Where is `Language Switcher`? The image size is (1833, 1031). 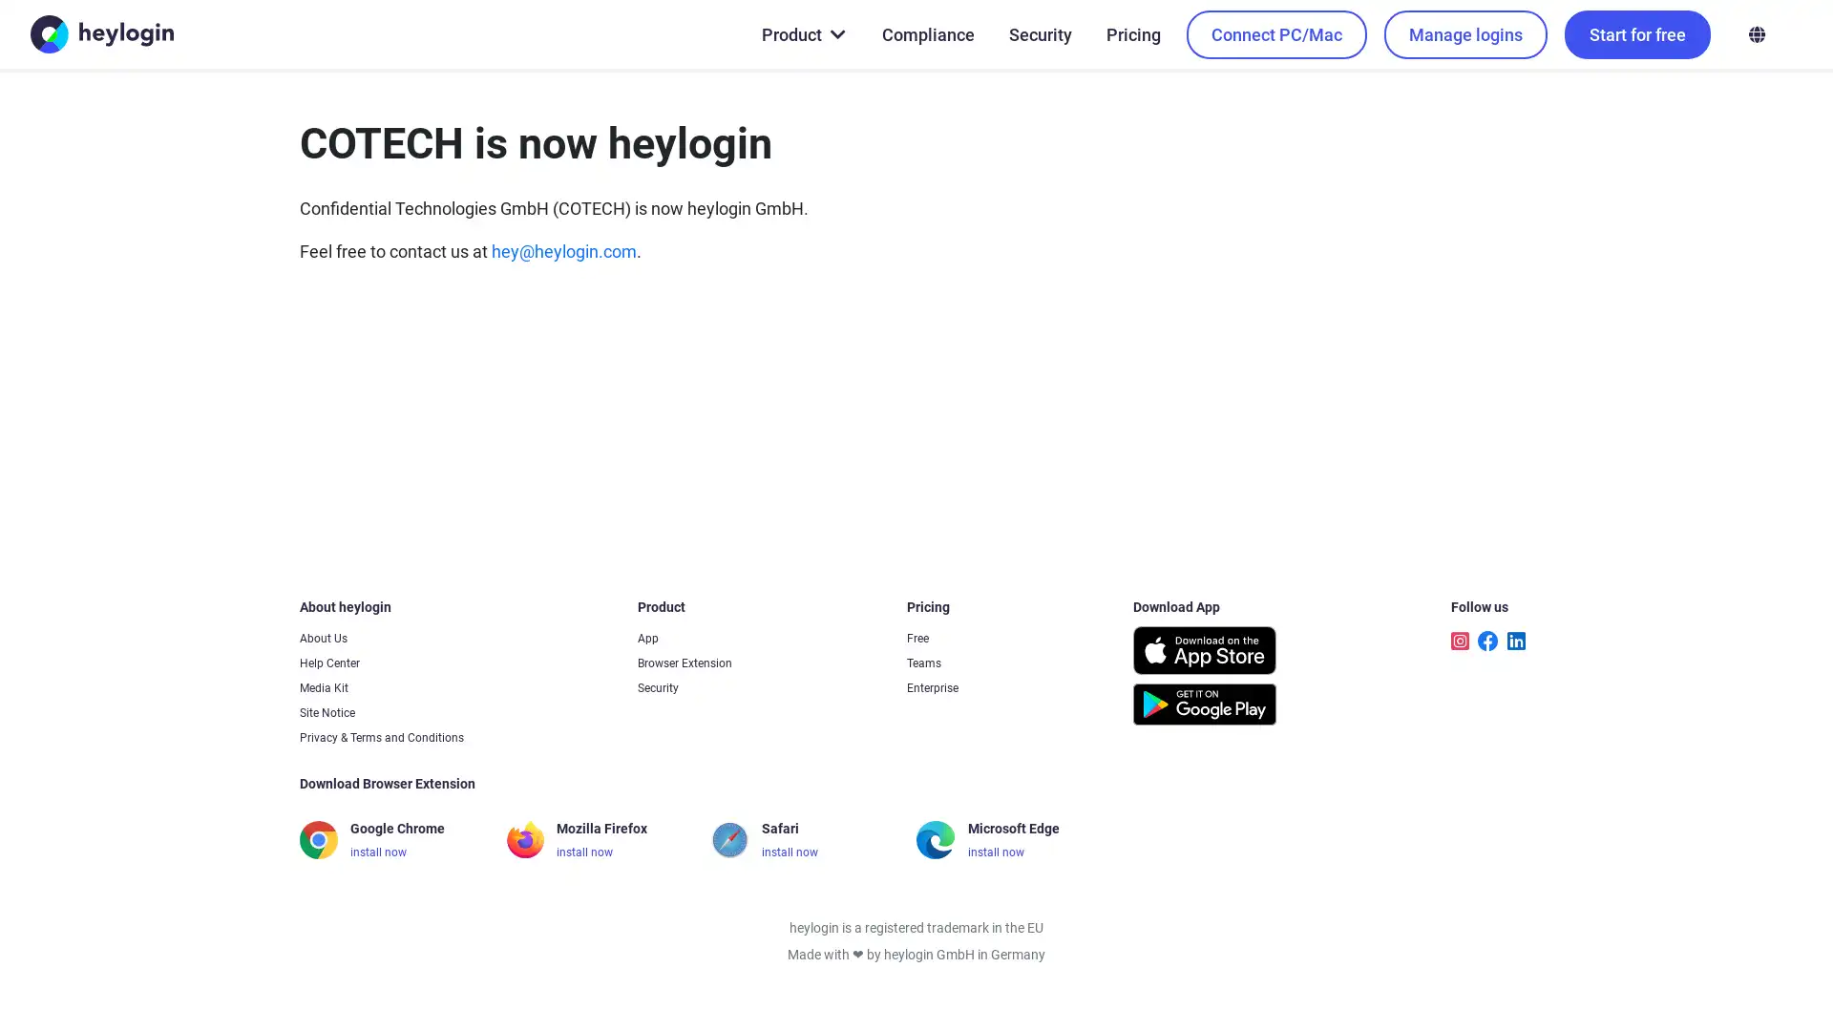
Language Switcher is located at coordinates (1756, 33).